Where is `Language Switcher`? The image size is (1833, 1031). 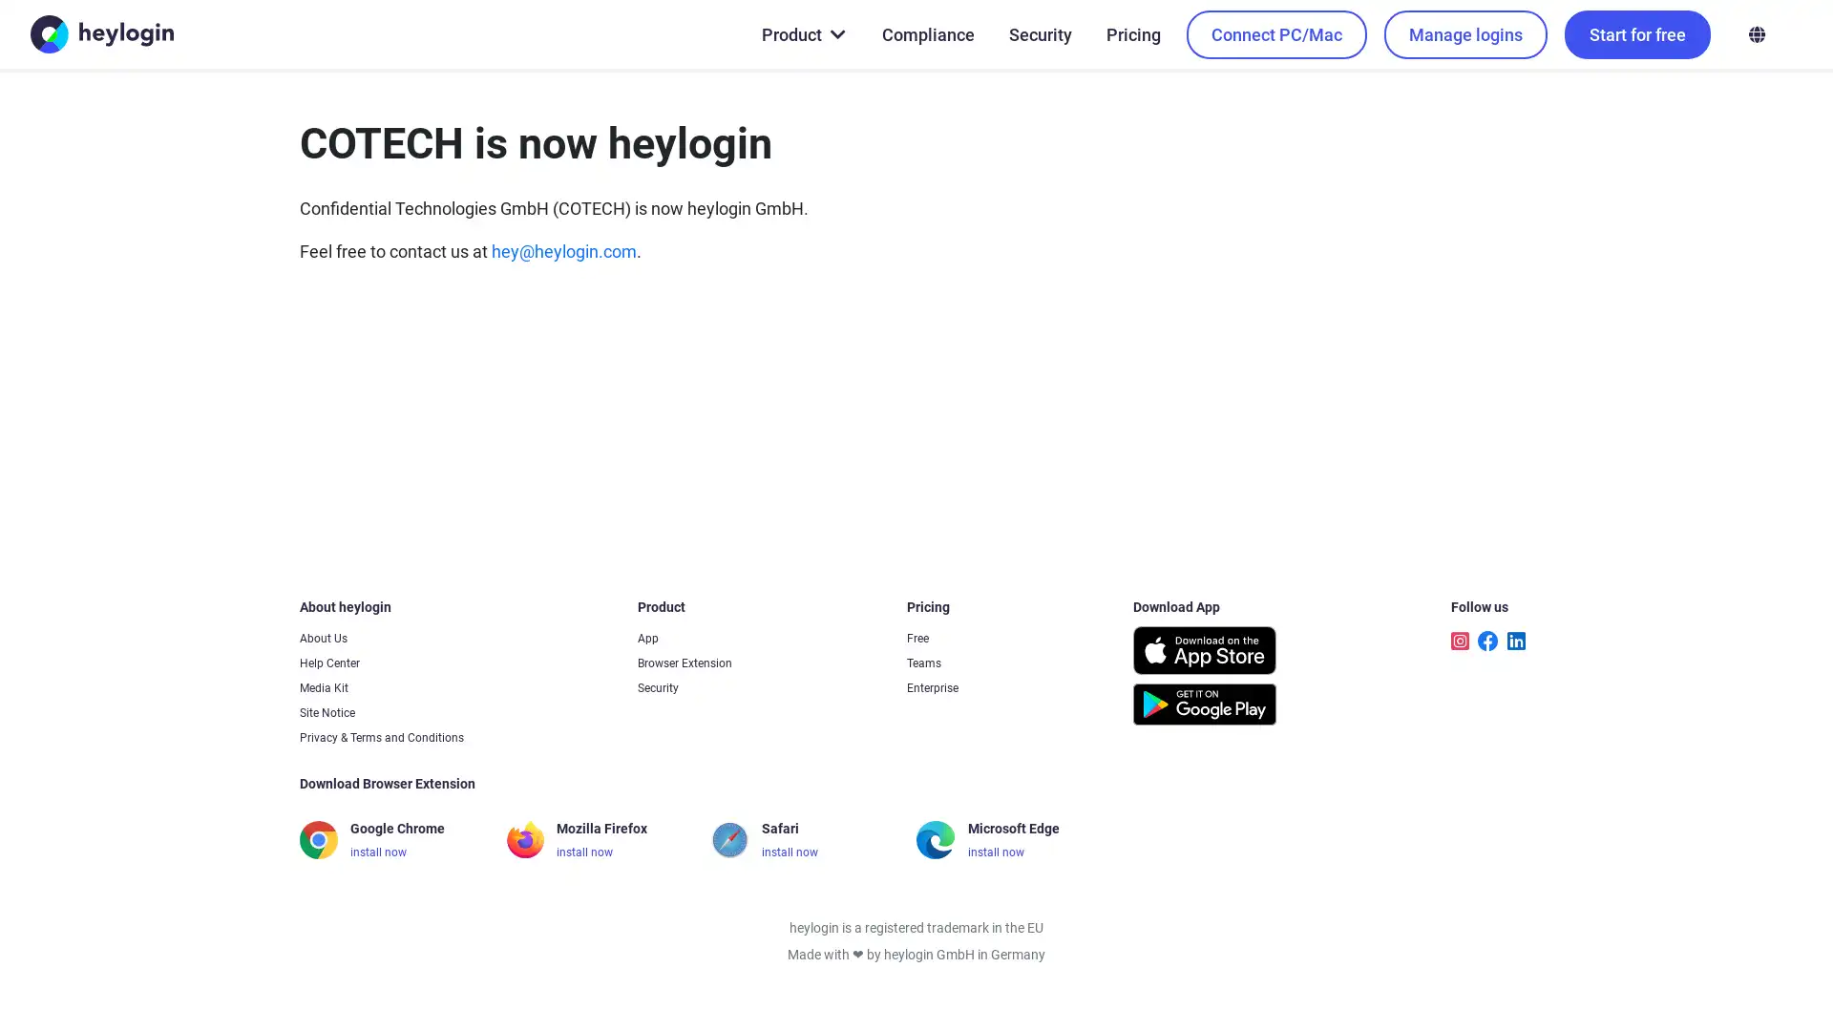
Language Switcher is located at coordinates (1756, 33).